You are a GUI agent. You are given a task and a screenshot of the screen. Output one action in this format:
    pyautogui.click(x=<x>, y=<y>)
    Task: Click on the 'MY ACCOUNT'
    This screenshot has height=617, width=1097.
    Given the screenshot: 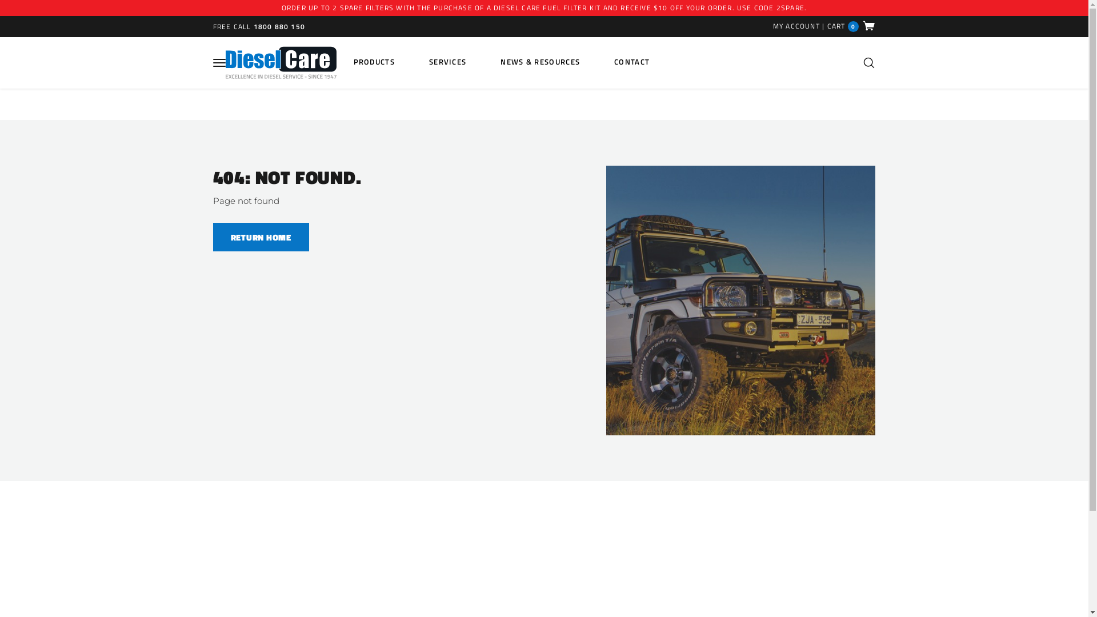 What is the action you would take?
    pyautogui.click(x=773, y=26)
    